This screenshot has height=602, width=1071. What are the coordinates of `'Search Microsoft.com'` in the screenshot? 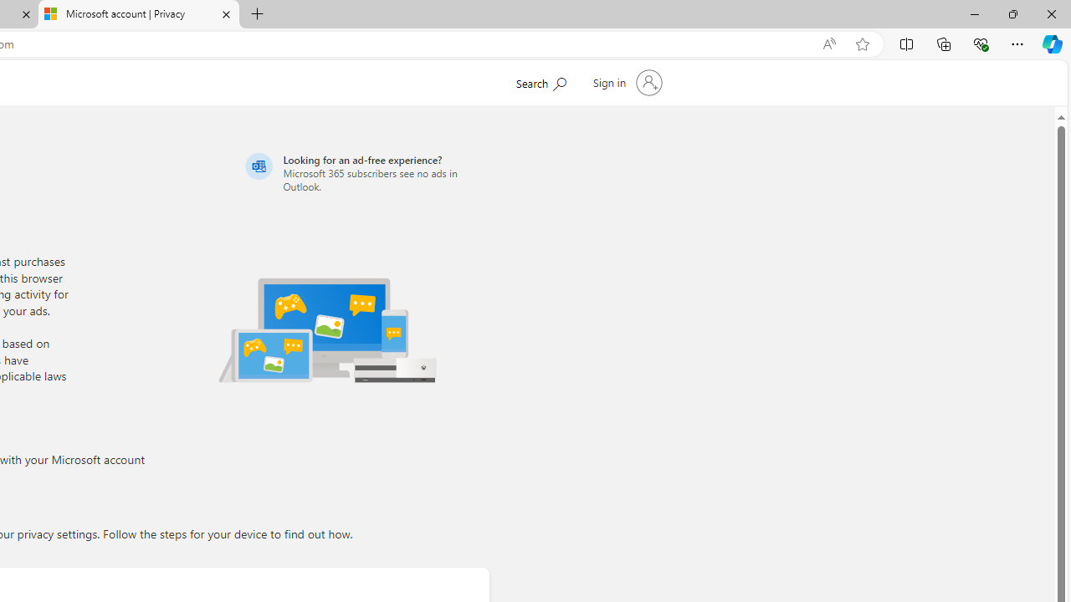 It's located at (541, 81).